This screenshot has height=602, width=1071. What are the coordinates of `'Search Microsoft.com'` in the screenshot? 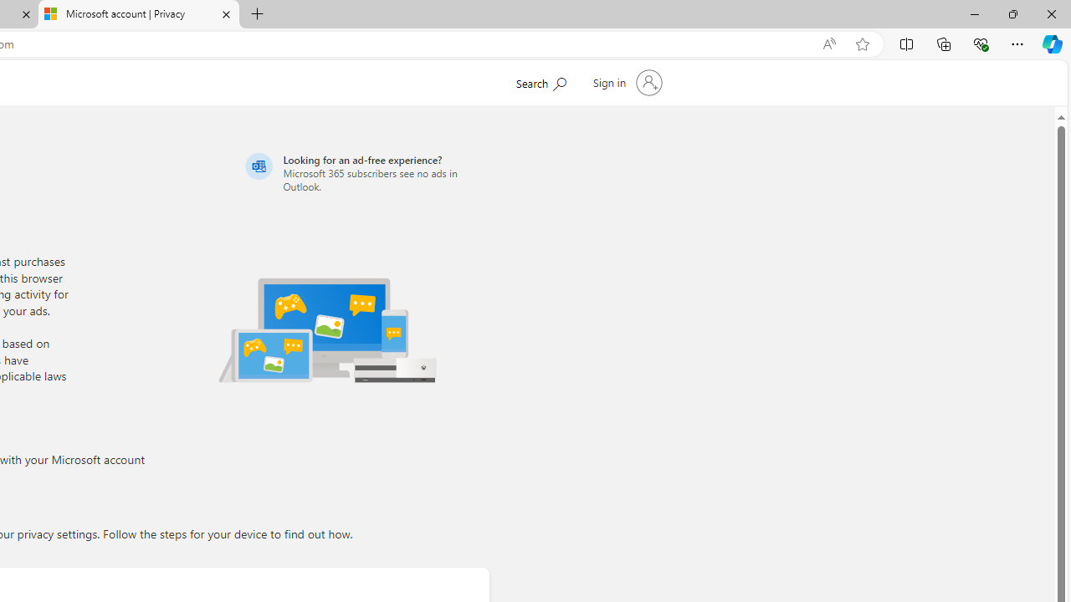 It's located at (541, 81).